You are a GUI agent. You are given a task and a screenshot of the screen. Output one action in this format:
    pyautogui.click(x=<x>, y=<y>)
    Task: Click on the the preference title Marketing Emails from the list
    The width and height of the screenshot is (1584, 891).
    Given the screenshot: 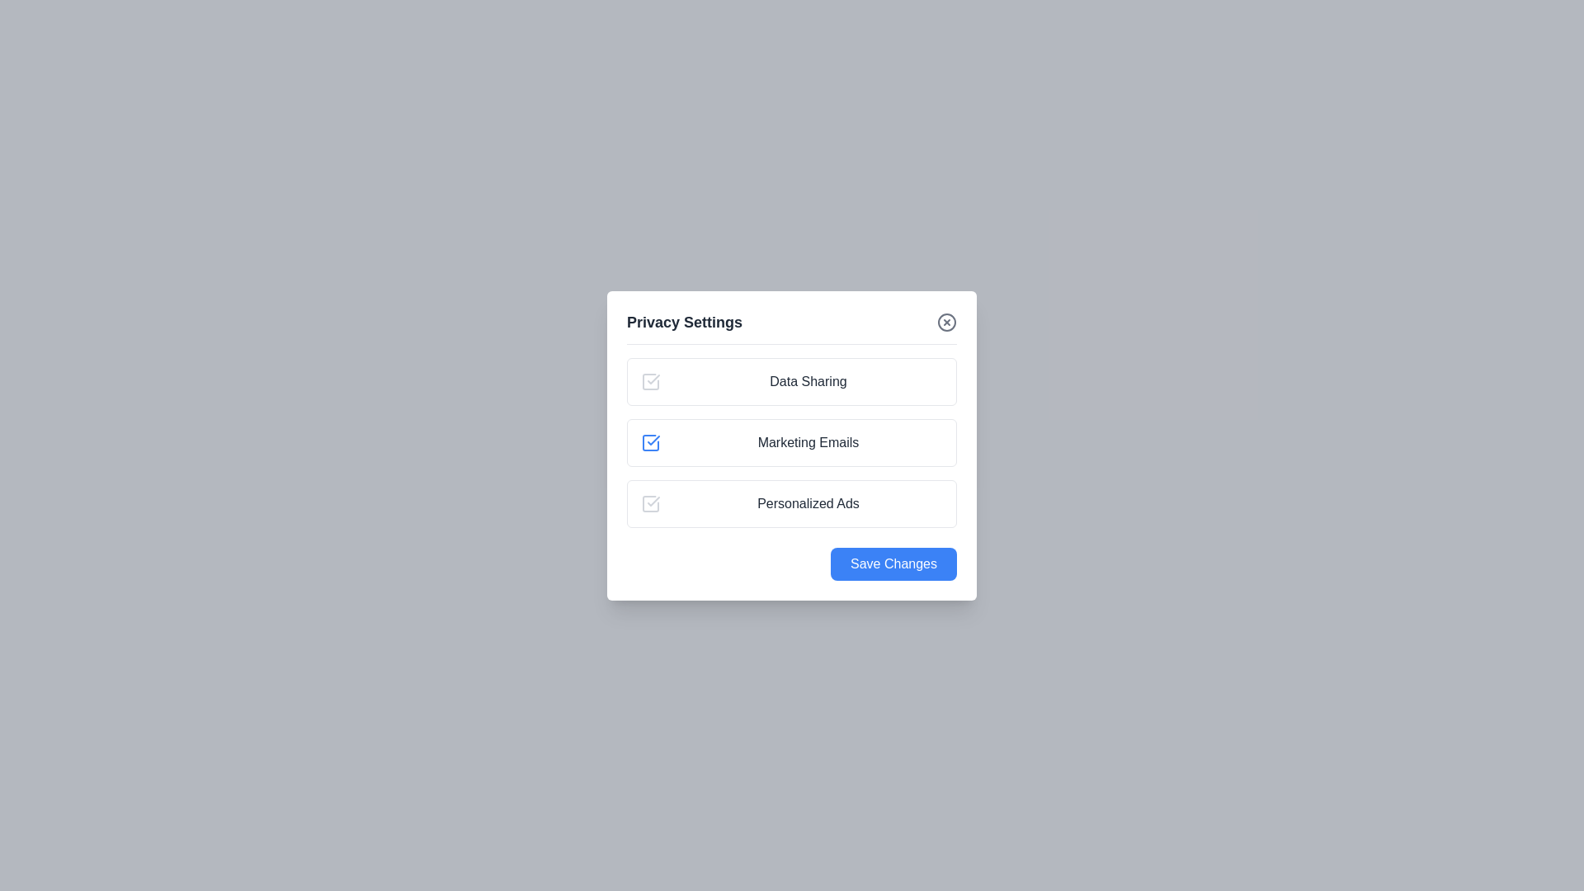 What is the action you would take?
    pyautogui.click(x=808, y=441)
    